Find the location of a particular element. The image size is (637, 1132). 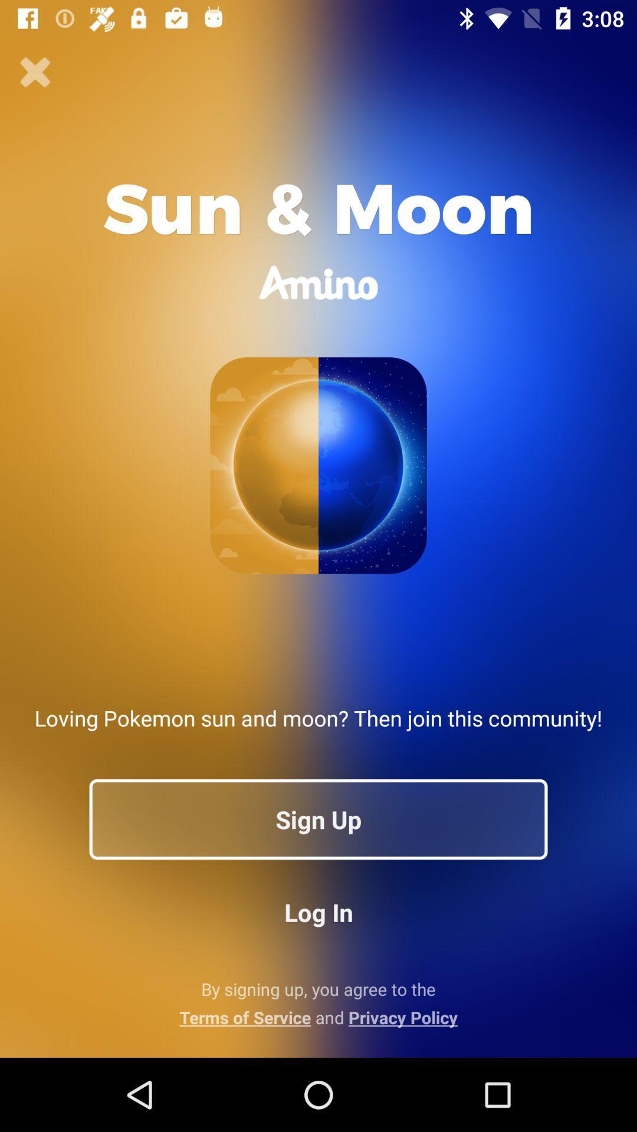

the item above the by signing up icon is located at coordinates (318, 911).